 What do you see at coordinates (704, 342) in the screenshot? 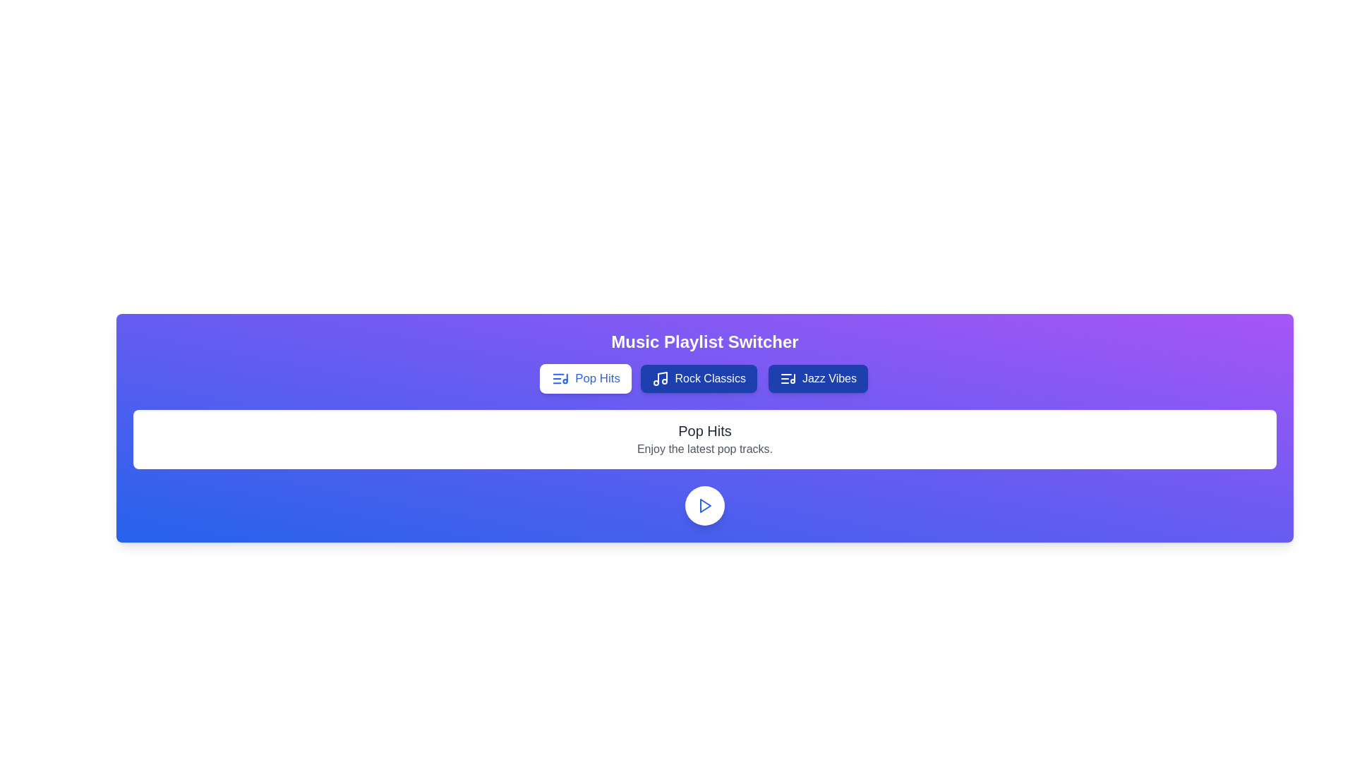
I see `the text label 'Music Playlist Switcher', which is styled prominently in bold with an extra-large font size, located centrally in the interface above the buttons 'Pop Hits', 'Rock Classics', and 'Jazz Vibes'` at bounding box center [704, 342].